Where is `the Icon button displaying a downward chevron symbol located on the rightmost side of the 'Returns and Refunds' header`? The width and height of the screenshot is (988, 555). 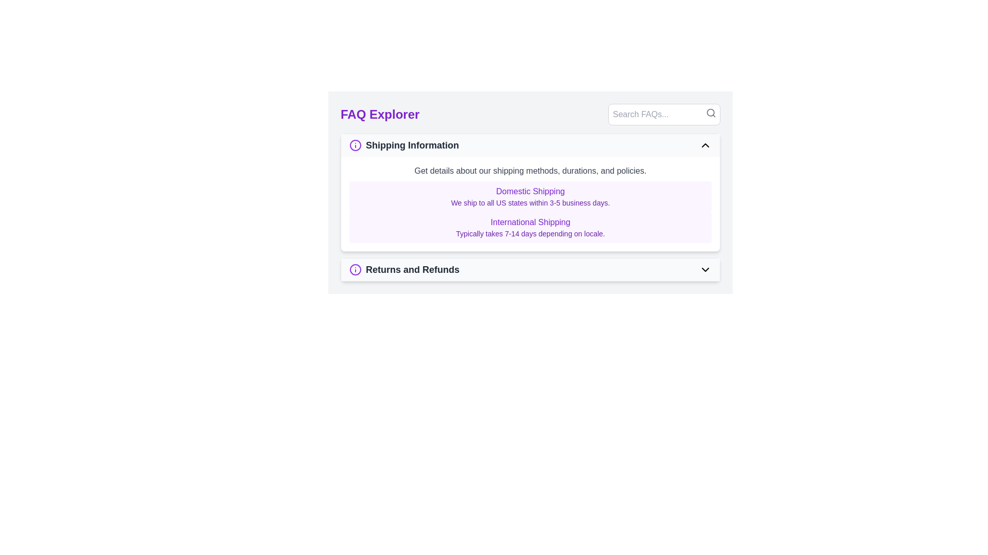 the Icon button displaying a downward chevron symbol located on the rightmost side of the 'Returns and Refunds' header is located at coordinates (705, 269).